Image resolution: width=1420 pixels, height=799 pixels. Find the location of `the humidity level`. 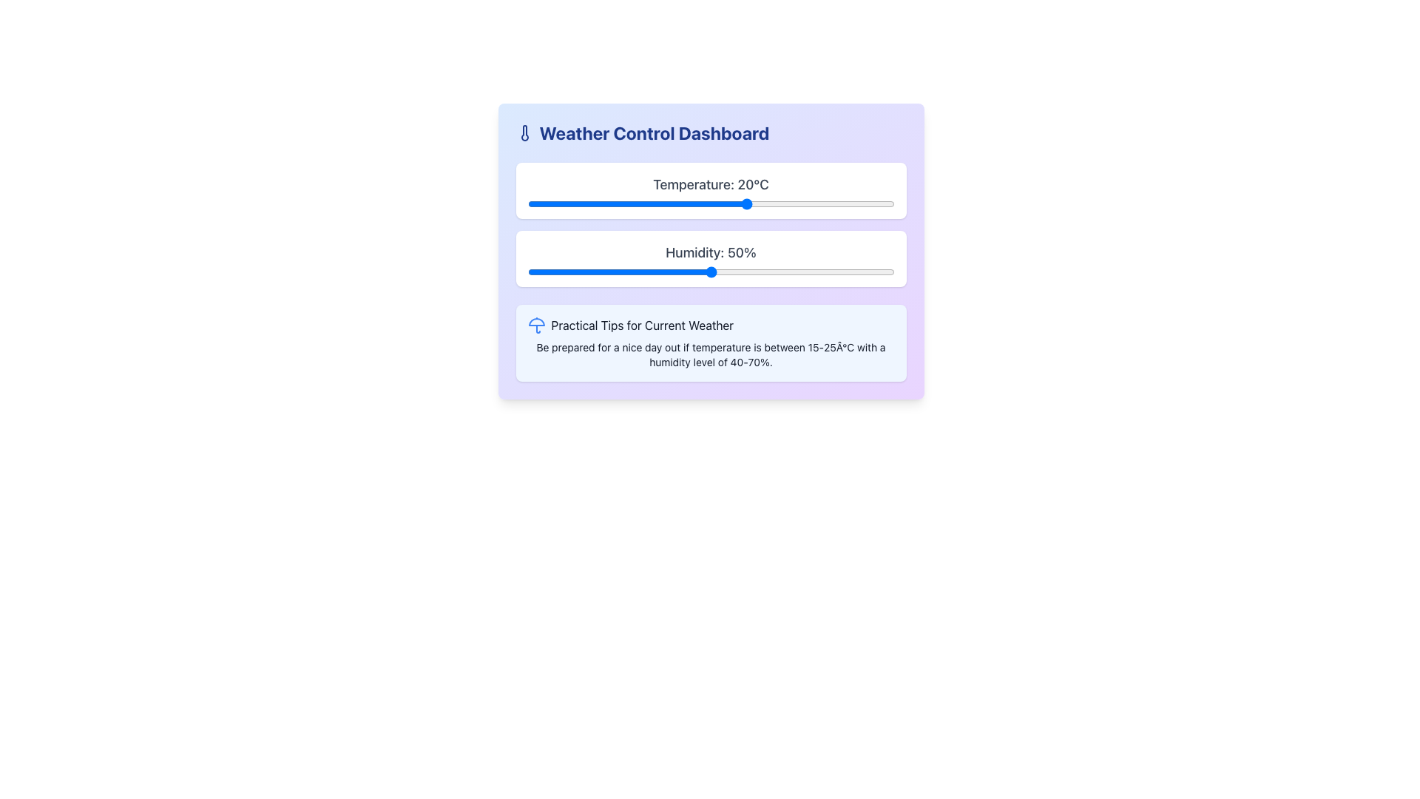

the humidity level is located at coordinates (737, 272).